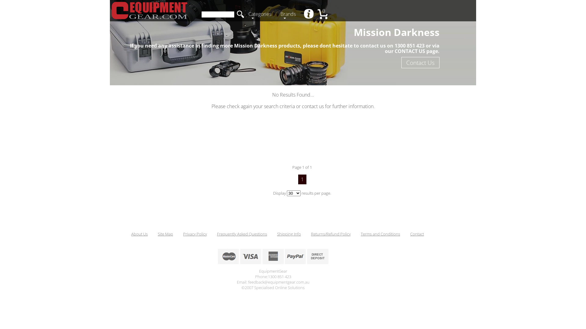 Image resolution: width=586 pixels, height=329 pixels. I want to click on 'American Express Accepted', so click(273, 256).